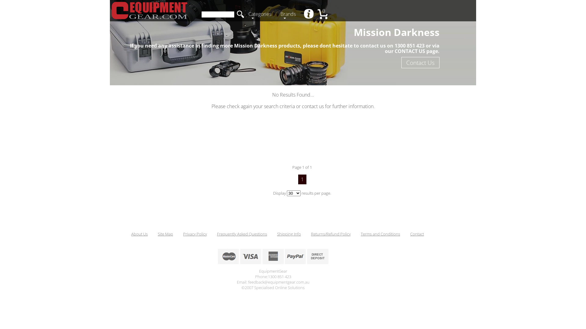 Image resolution: width=586 pixels, height=329 pixels. I want to click on 'American Express Accepted', so click(273, 256).